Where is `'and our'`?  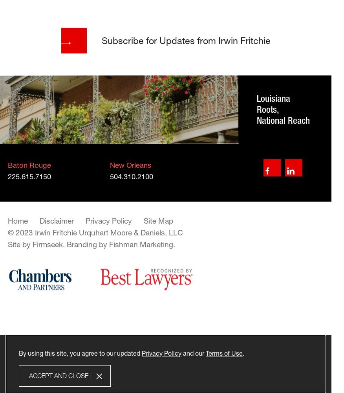
'and our' is located at coordinates (193, 353).